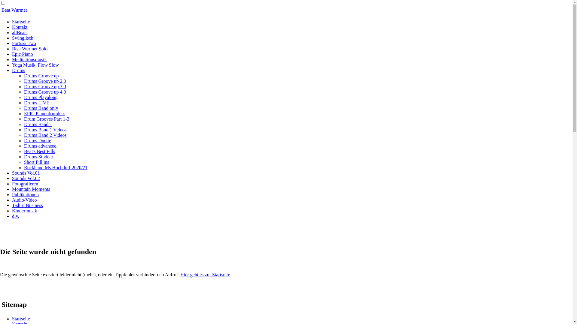 The image size is (577, 324). Describe the element at coordinates (38, 124) in the screenshot. I see `'Drums Band 1'` at that location.